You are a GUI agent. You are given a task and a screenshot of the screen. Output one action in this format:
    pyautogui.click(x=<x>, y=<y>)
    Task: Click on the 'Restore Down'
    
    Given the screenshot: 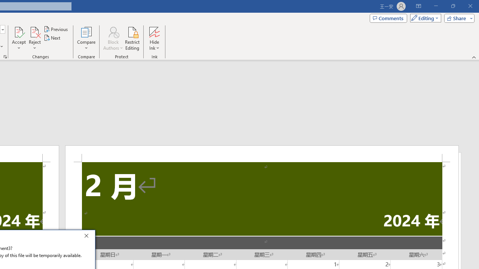 What is the action you would take?
    pyautogui.click(x=452, y=6)
    